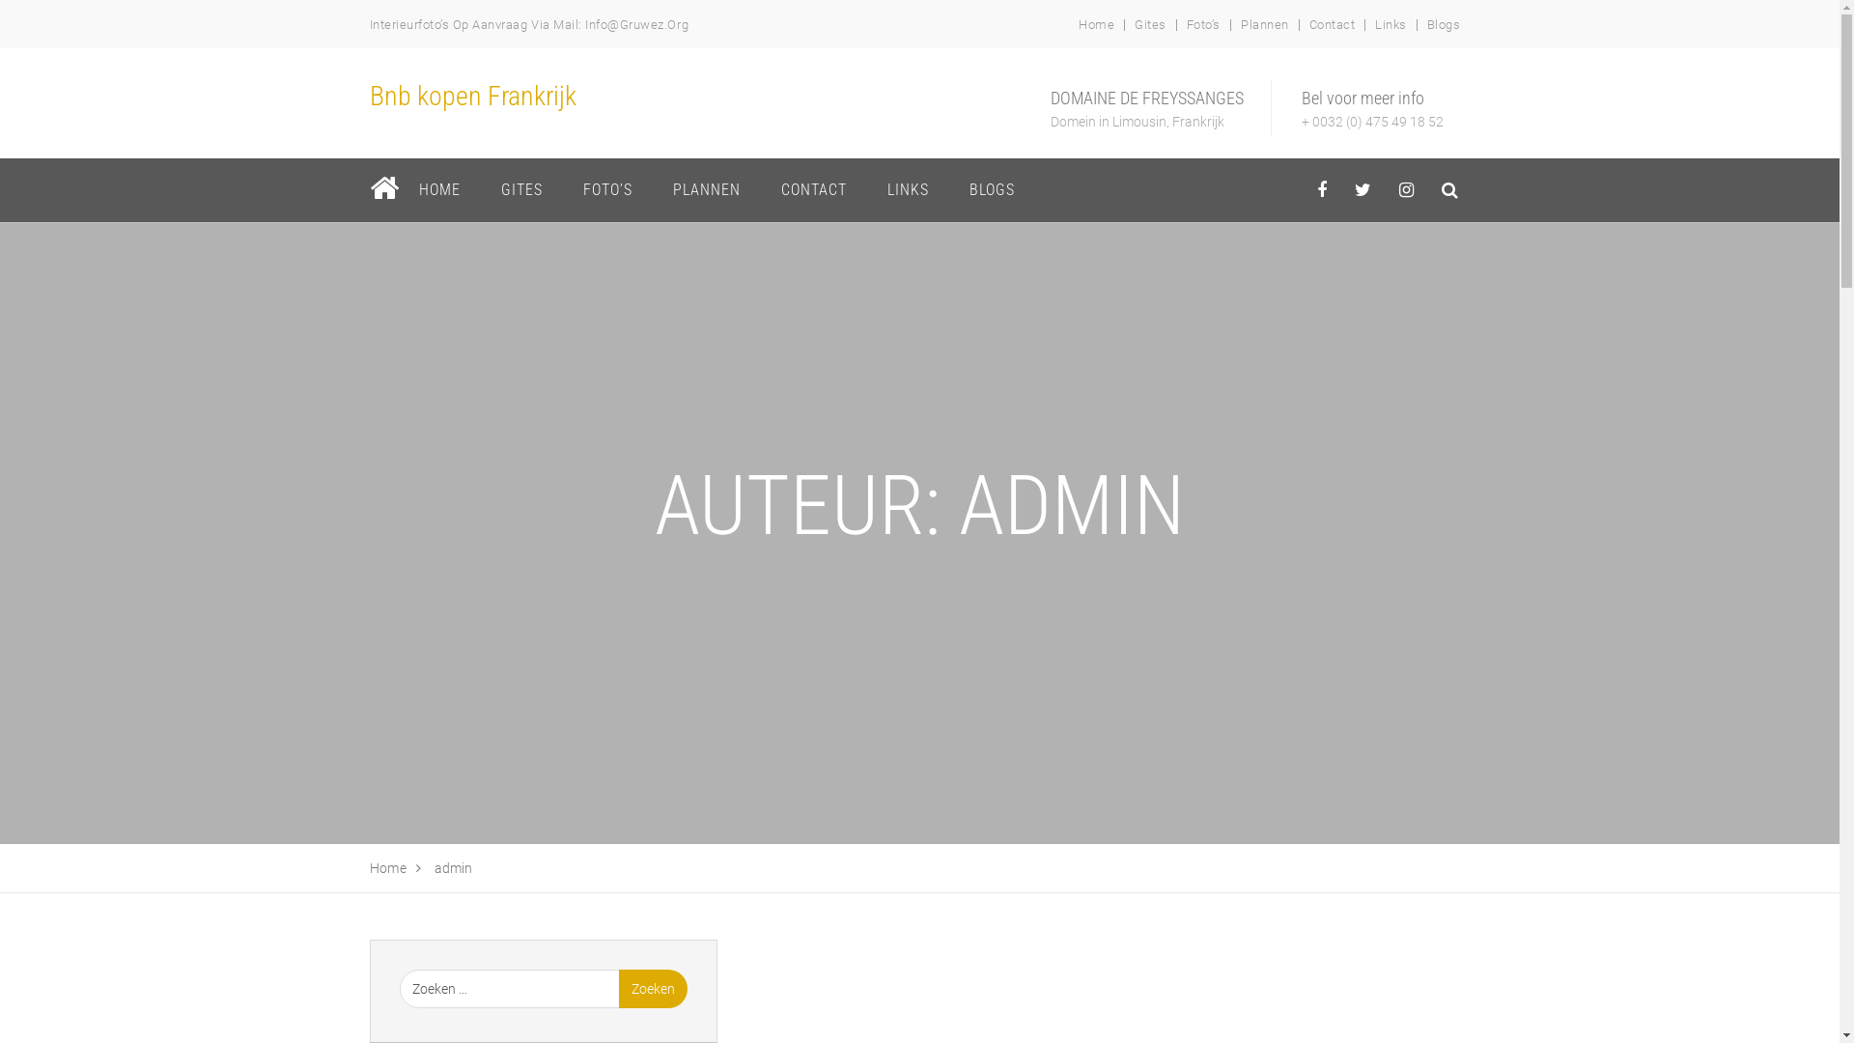  Describe the element at coordinates (1265, 24) in the screenshot. I see `'Plannen'` at that location.